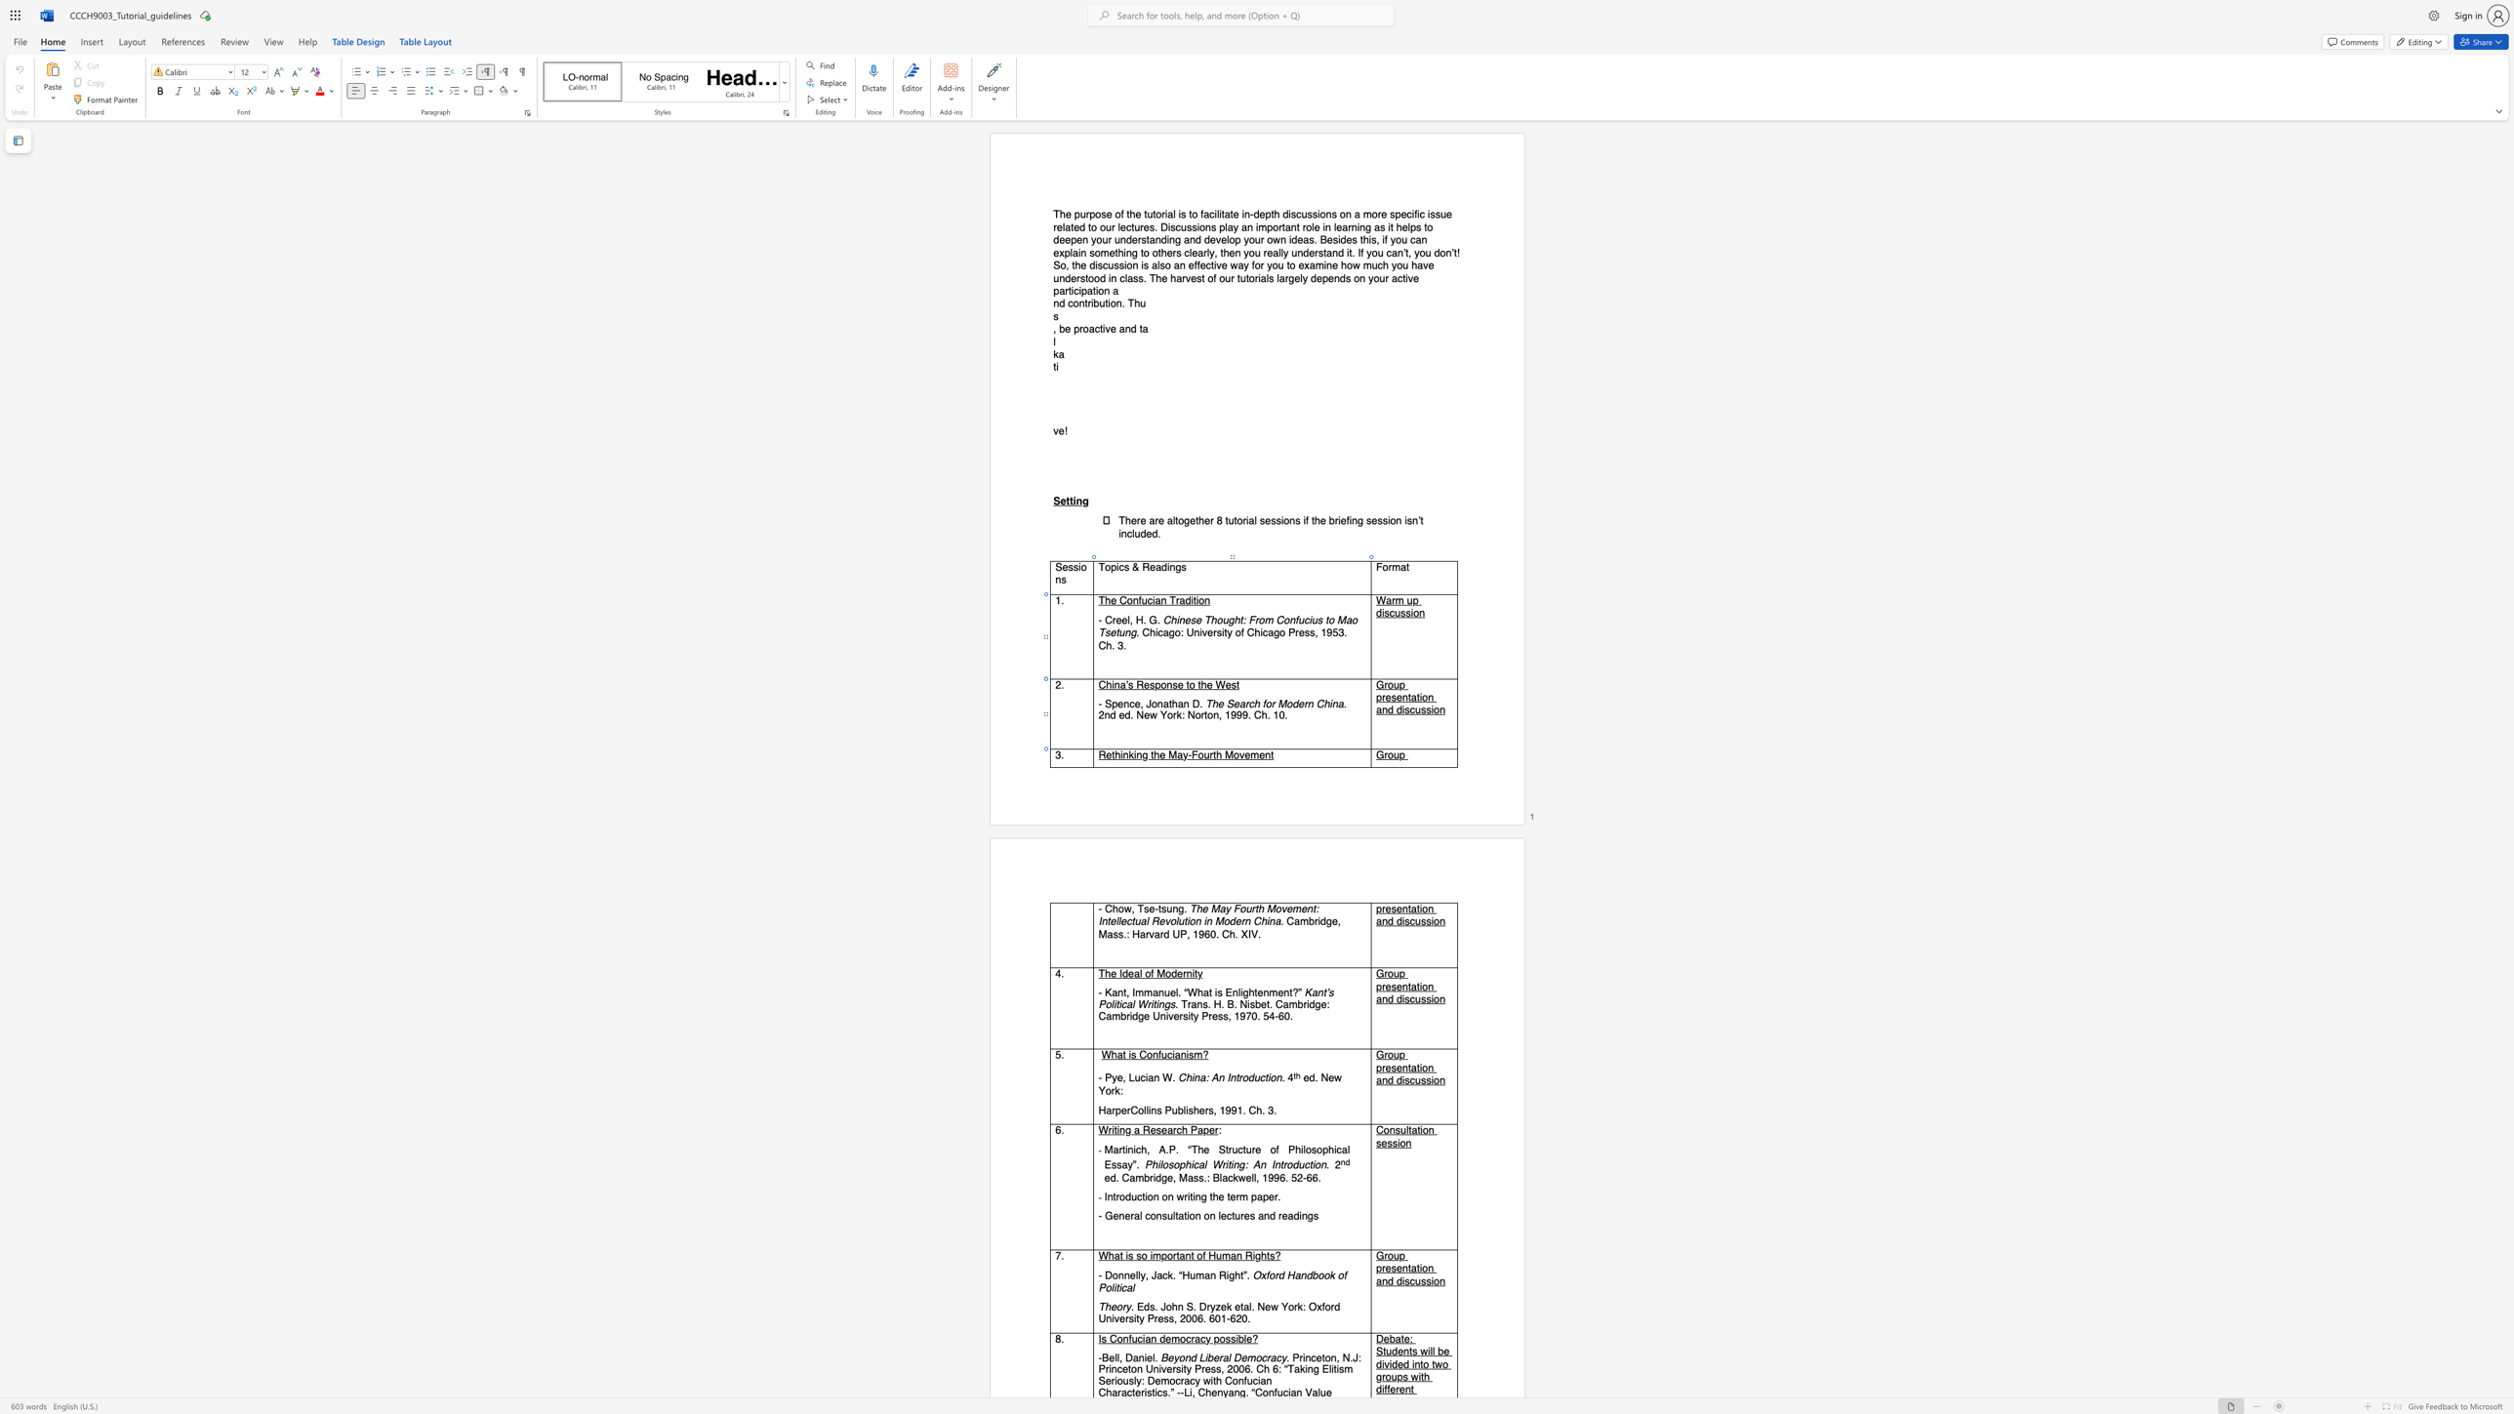 The width and height of the screenshot is (2514, 1414). I want to click on the 1th character "-" in the text, so click(1190, 753).